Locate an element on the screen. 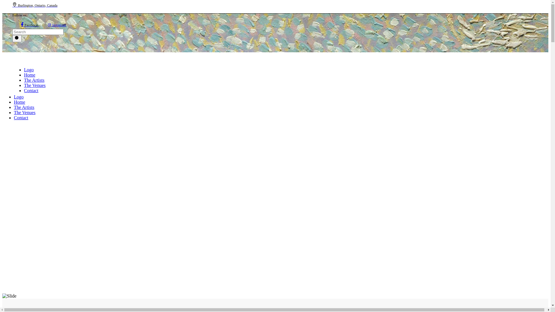  'Home' is located at coordinates (14, 102).